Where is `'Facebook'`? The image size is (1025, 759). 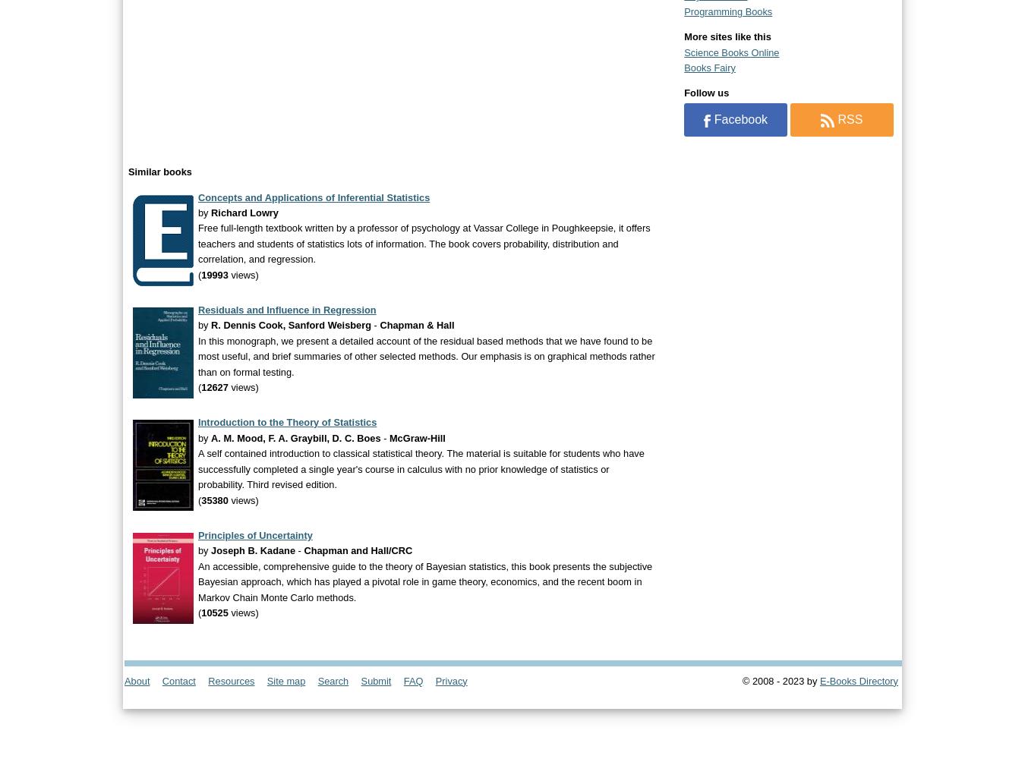
'Facebook' is located at coordinates (709, 118).